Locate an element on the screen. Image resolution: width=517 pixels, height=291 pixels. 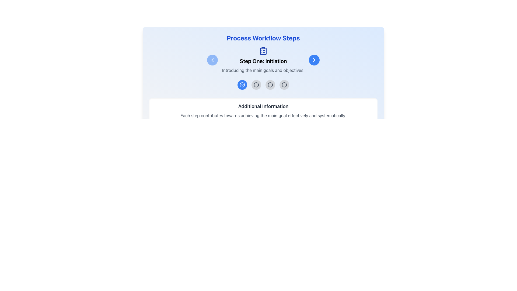
the descriptive text element that introduces 'Step One: Initiation', which is centrally aligned and positioned directly beneath the header and clipboard icon is located at coordinates (263, 70).